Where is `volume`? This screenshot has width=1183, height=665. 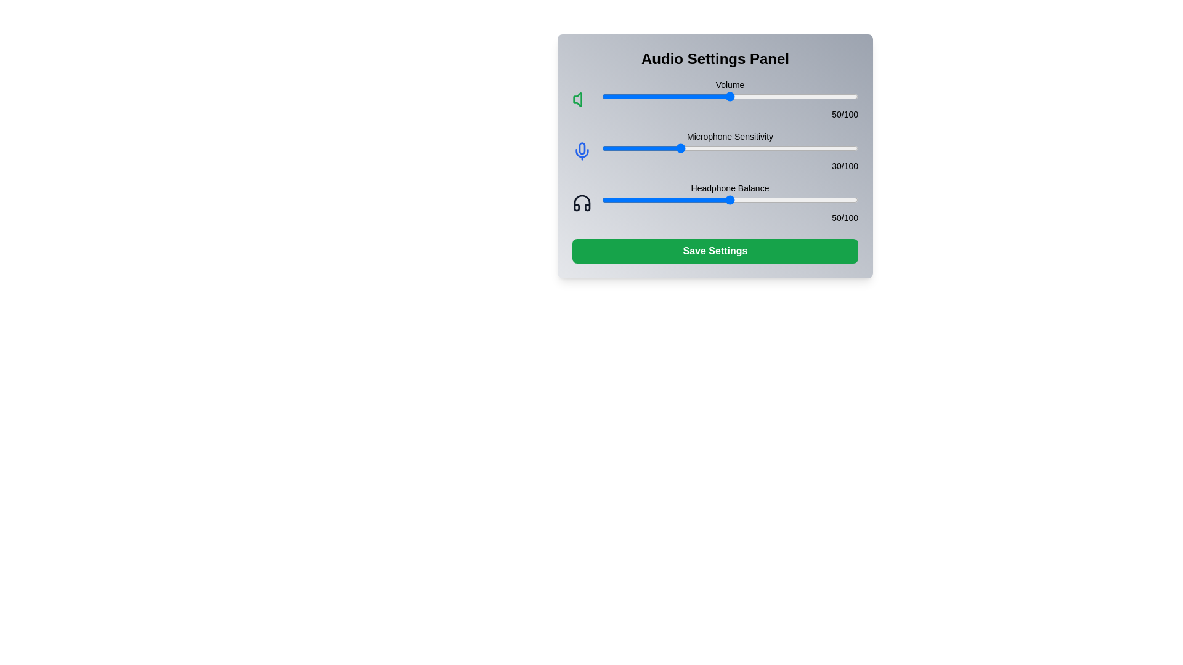 volume is located at coordinates (640, 96).